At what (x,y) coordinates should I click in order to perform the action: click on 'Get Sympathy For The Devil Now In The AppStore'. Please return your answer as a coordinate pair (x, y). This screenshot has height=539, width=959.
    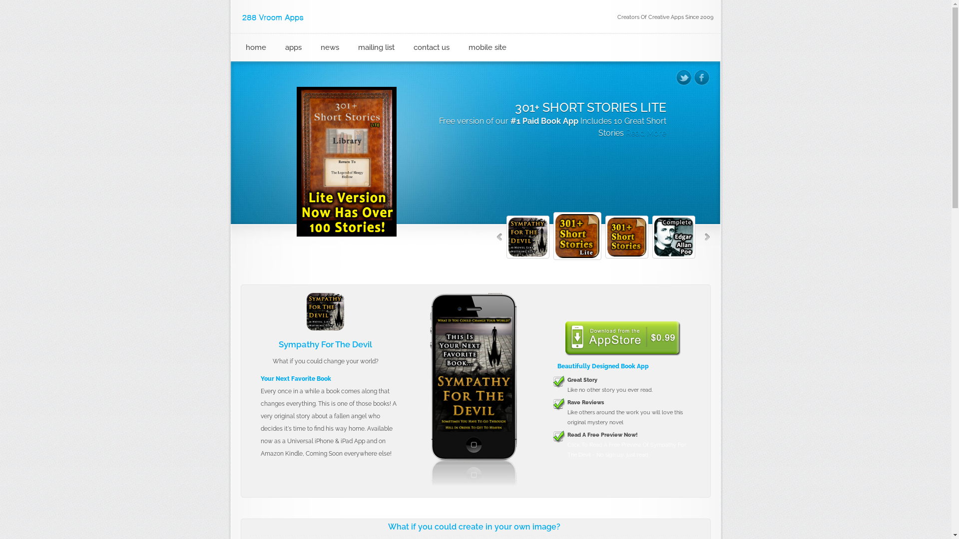
    Looking at the image, I should click on (622, 337).